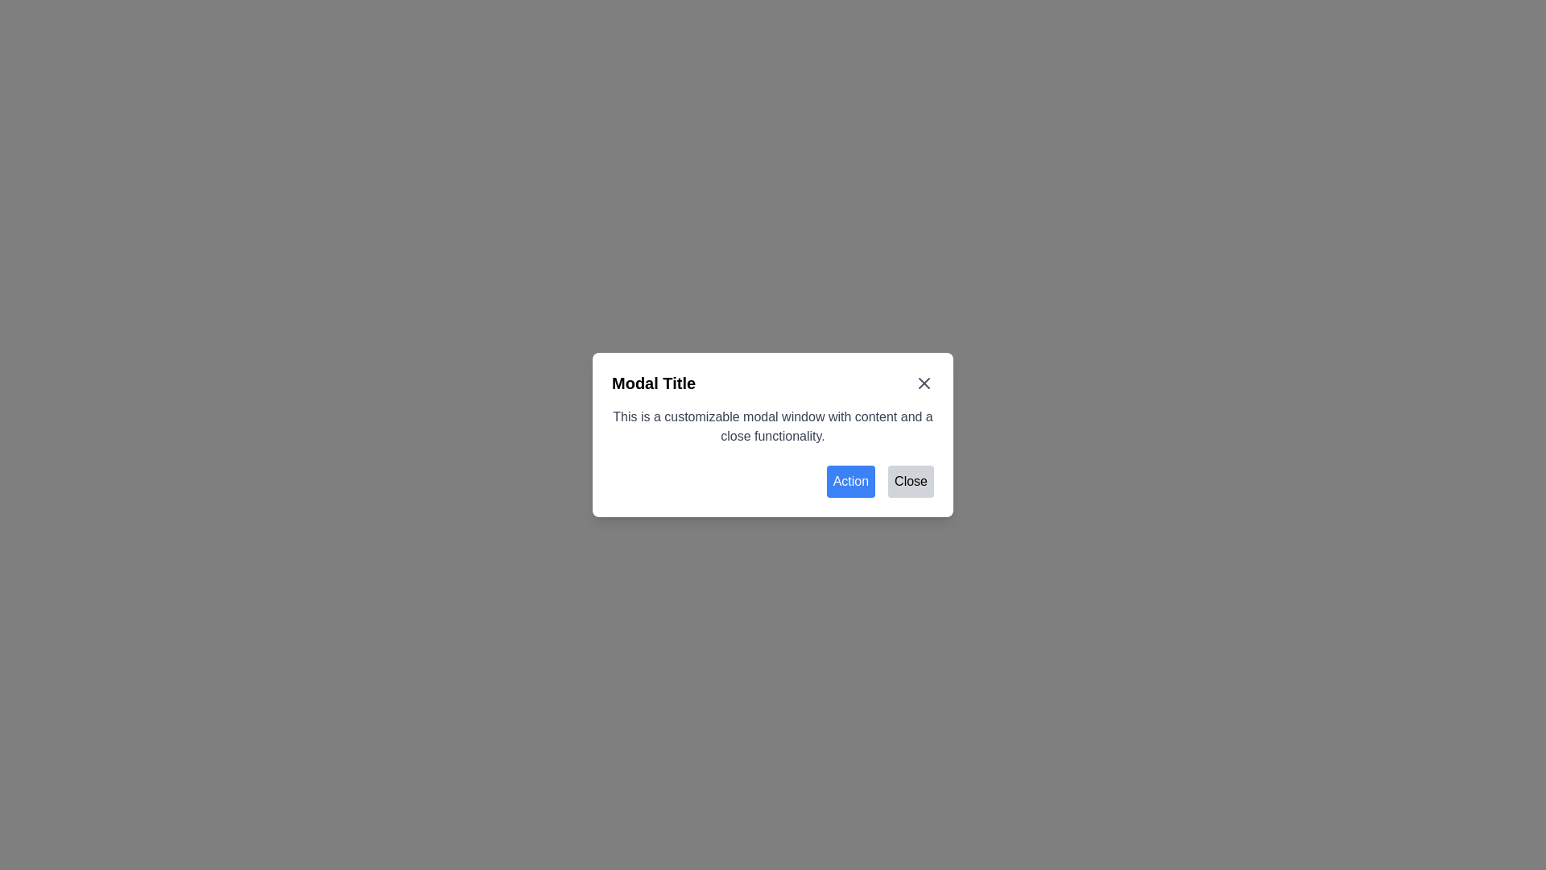  What do you see at coordinates (773, 425) in the screenshot?
I see `the text block that contains the description 'This is a customizable modal window with content and a close functionality.' which is styled with a gray color and positioned centrally within the modal` at bounding box center [773, 425].